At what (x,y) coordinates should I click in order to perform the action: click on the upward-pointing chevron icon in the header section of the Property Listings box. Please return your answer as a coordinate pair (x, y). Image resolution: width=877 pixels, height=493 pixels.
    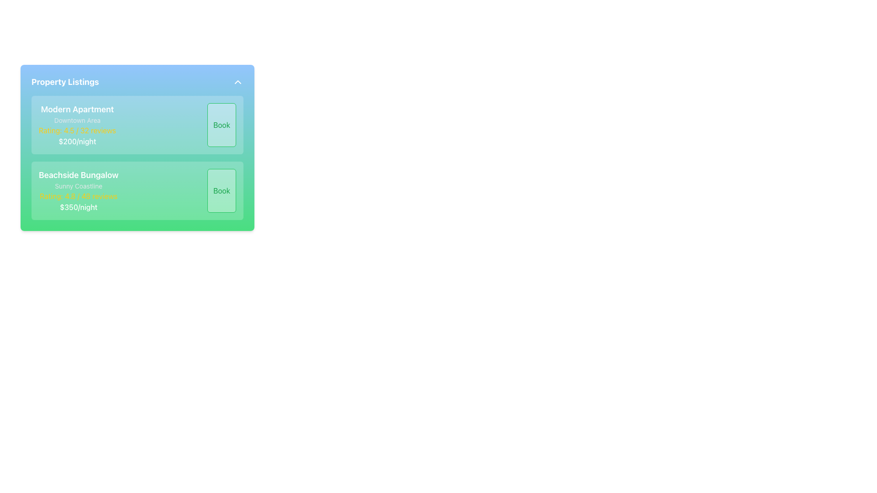
    Looking at the image, I should click on (238, 82).